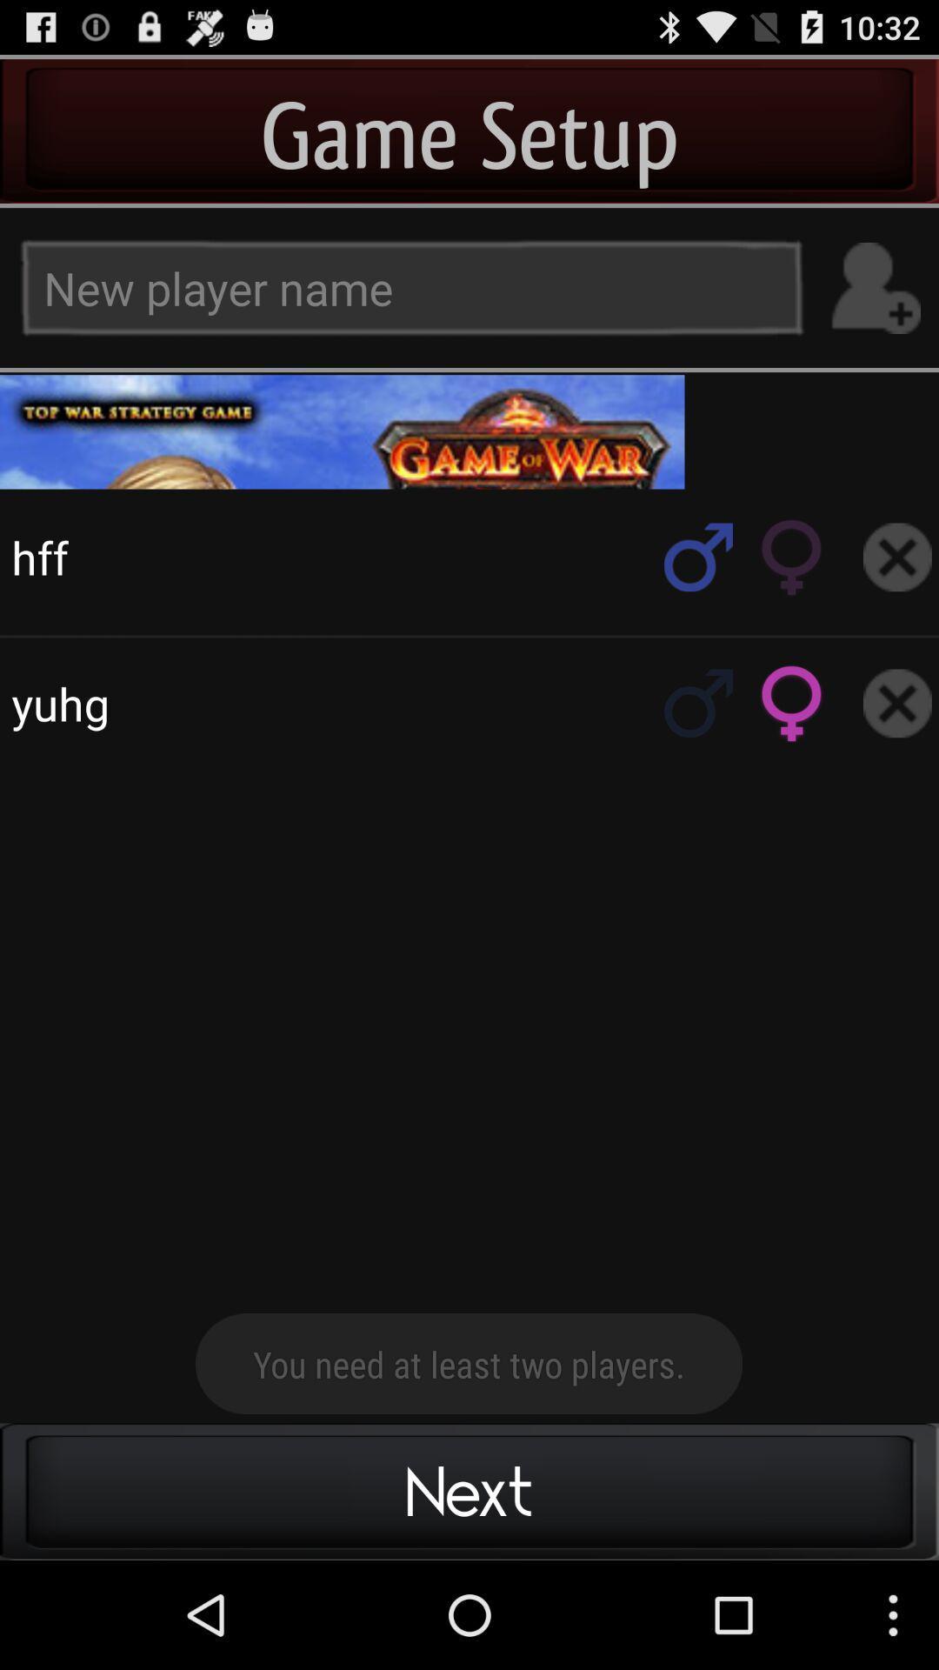 This screenshot has width=939, height=1670. I want to click on next, so click(469, 431).